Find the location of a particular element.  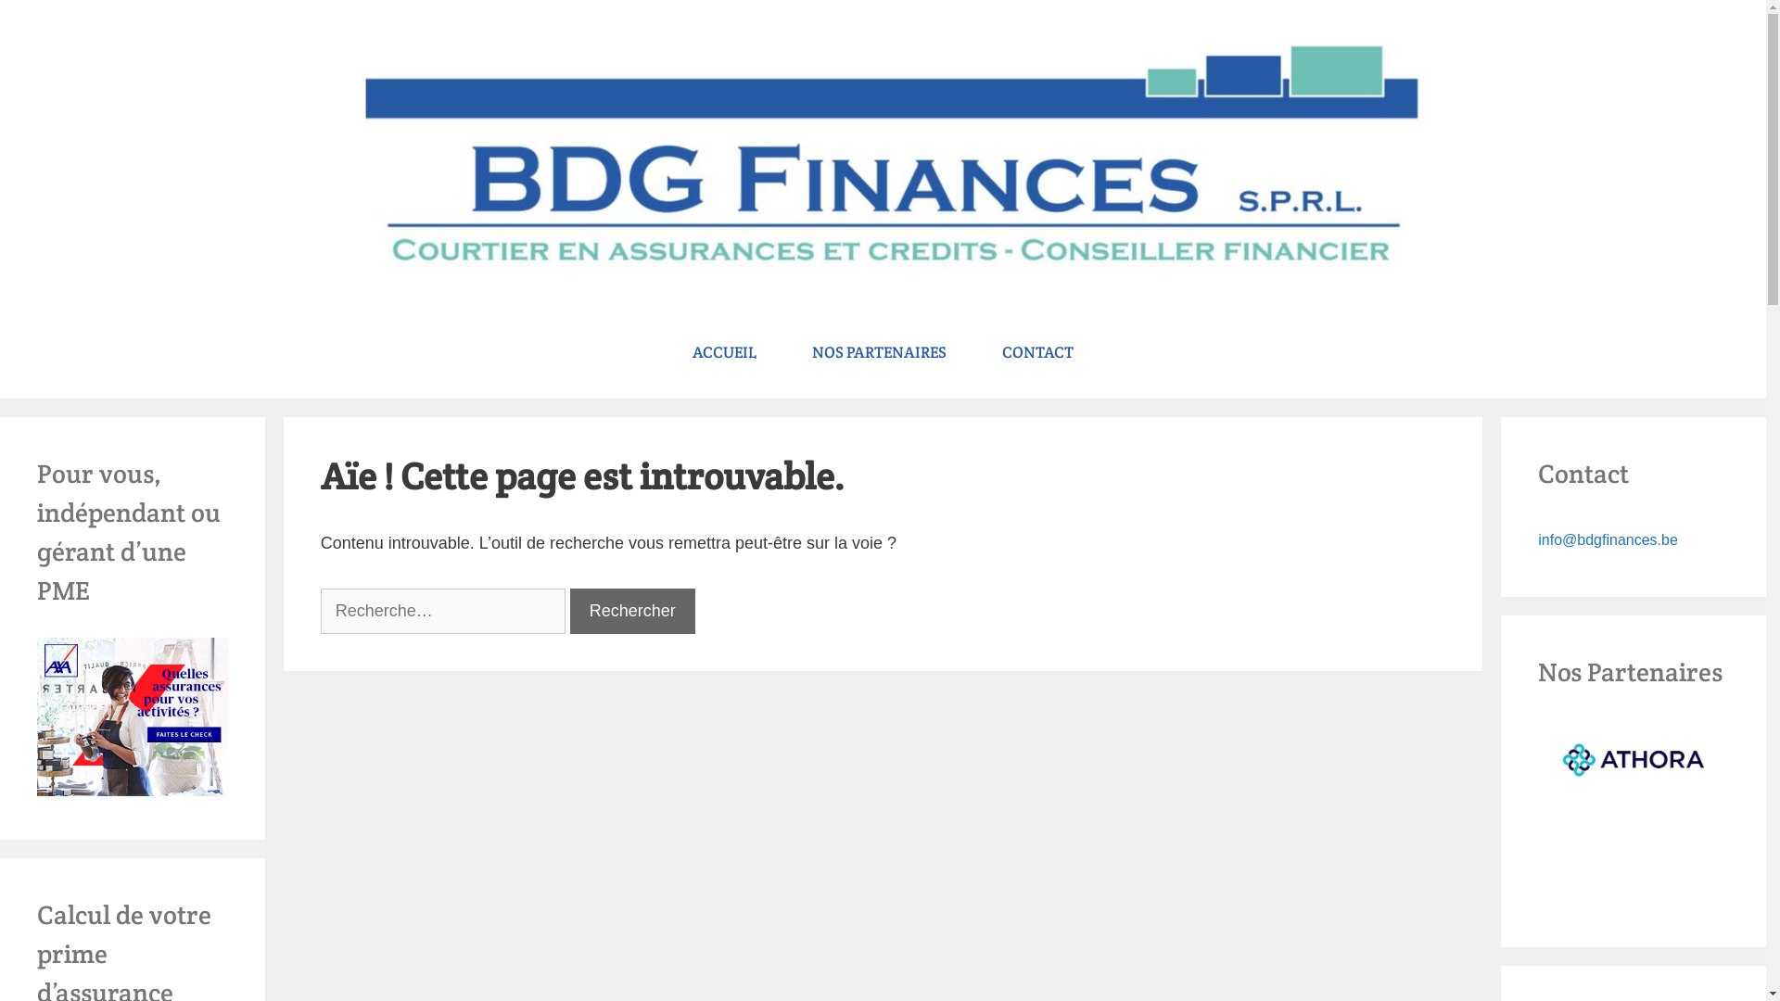

'NOS PARTENAIRES' is located at coordinates (878, 352).